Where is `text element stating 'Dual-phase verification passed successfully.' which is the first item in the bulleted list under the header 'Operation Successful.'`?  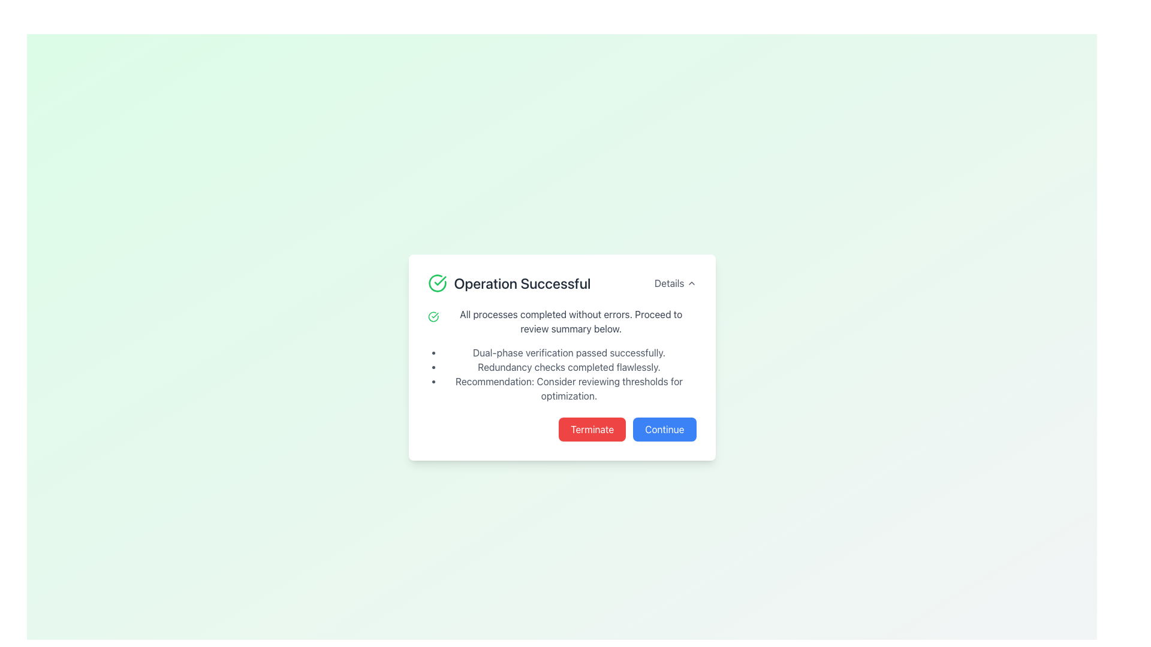 text element stating 'Dual-phase verification passed successfully.' which is the first item in the bulleted list under the header 'Operation Successful.' is located at coordinates (568, 352).